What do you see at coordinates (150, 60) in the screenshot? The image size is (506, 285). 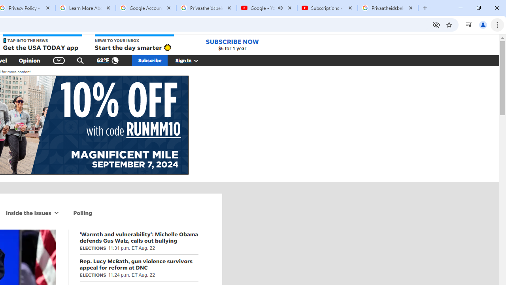 I see `'Subscribe'` at bounding box center [150, 60].